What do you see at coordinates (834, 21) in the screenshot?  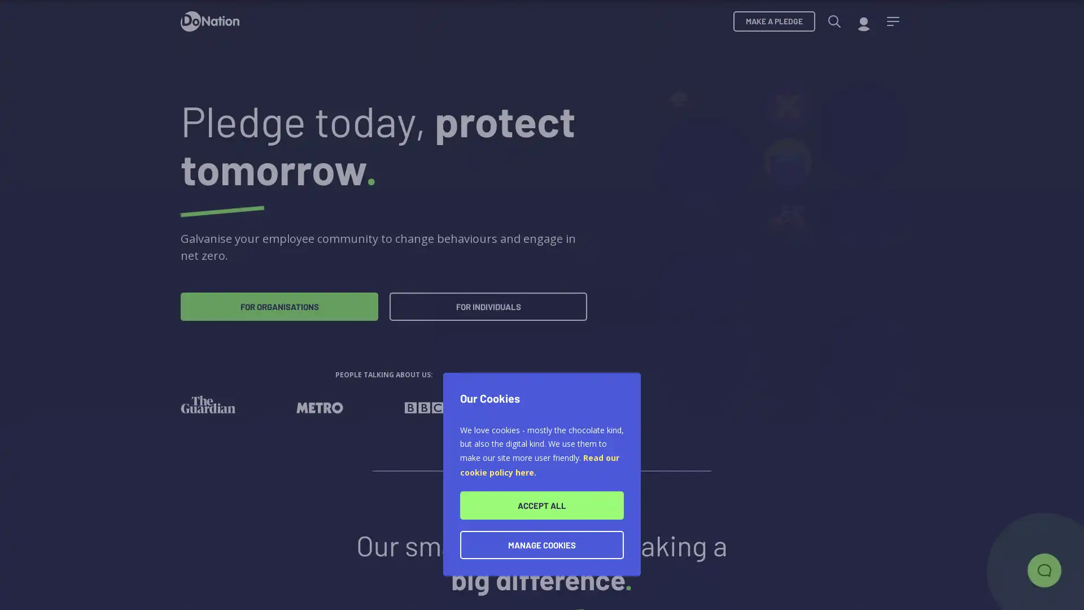 I see `Search` at bounding box center [834, 21].